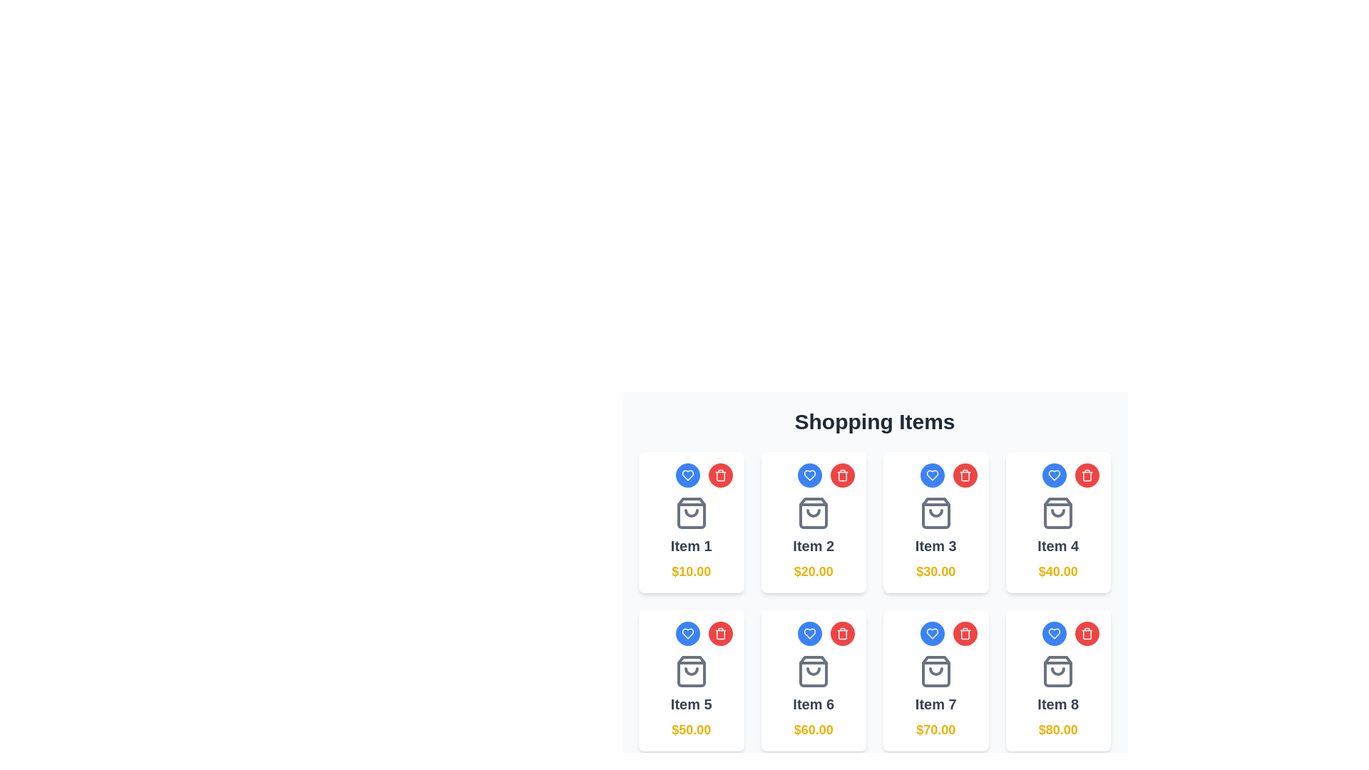  Describe the element at coordinates (935, 513) in the screenshot. I see `the shopping items icon representing 'Item 3' in the application's interface, located in the first row and third column of the grid under 'Shopping Items'` at that location.